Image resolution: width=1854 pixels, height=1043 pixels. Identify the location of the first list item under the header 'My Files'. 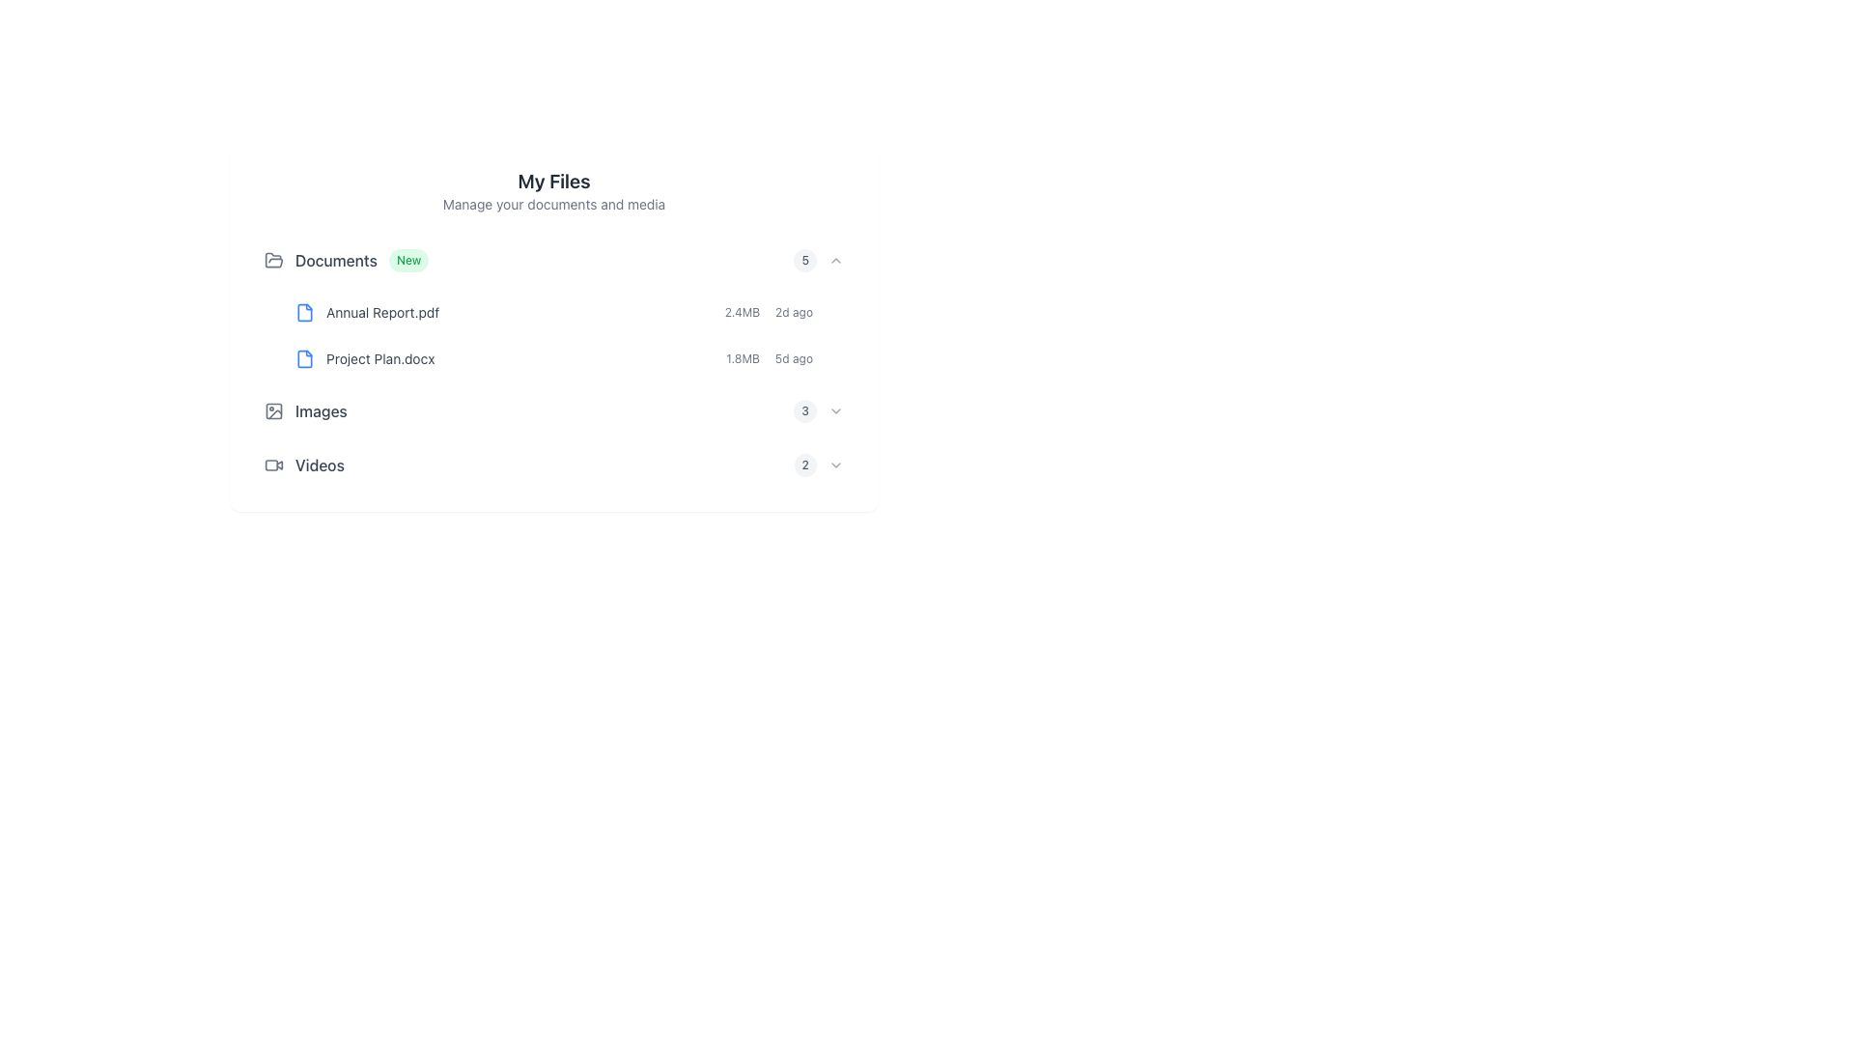
(347, 261).